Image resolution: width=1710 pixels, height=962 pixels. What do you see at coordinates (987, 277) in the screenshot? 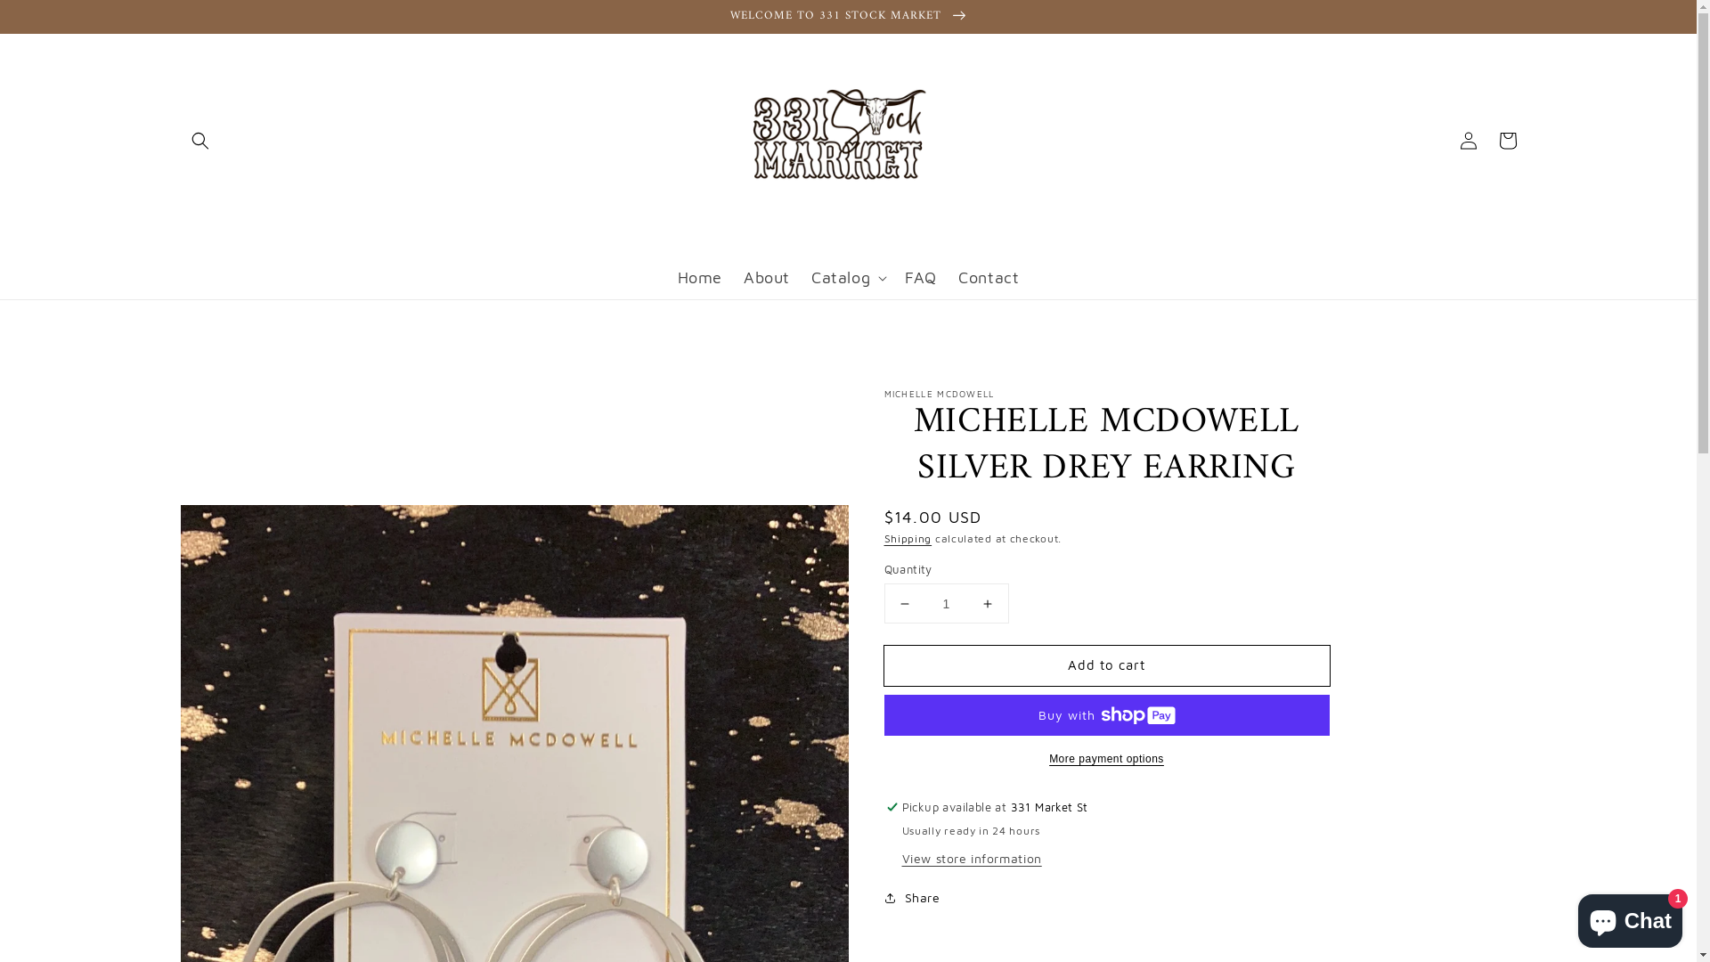
I see `'Contact'` at bounding box center [987, 277].